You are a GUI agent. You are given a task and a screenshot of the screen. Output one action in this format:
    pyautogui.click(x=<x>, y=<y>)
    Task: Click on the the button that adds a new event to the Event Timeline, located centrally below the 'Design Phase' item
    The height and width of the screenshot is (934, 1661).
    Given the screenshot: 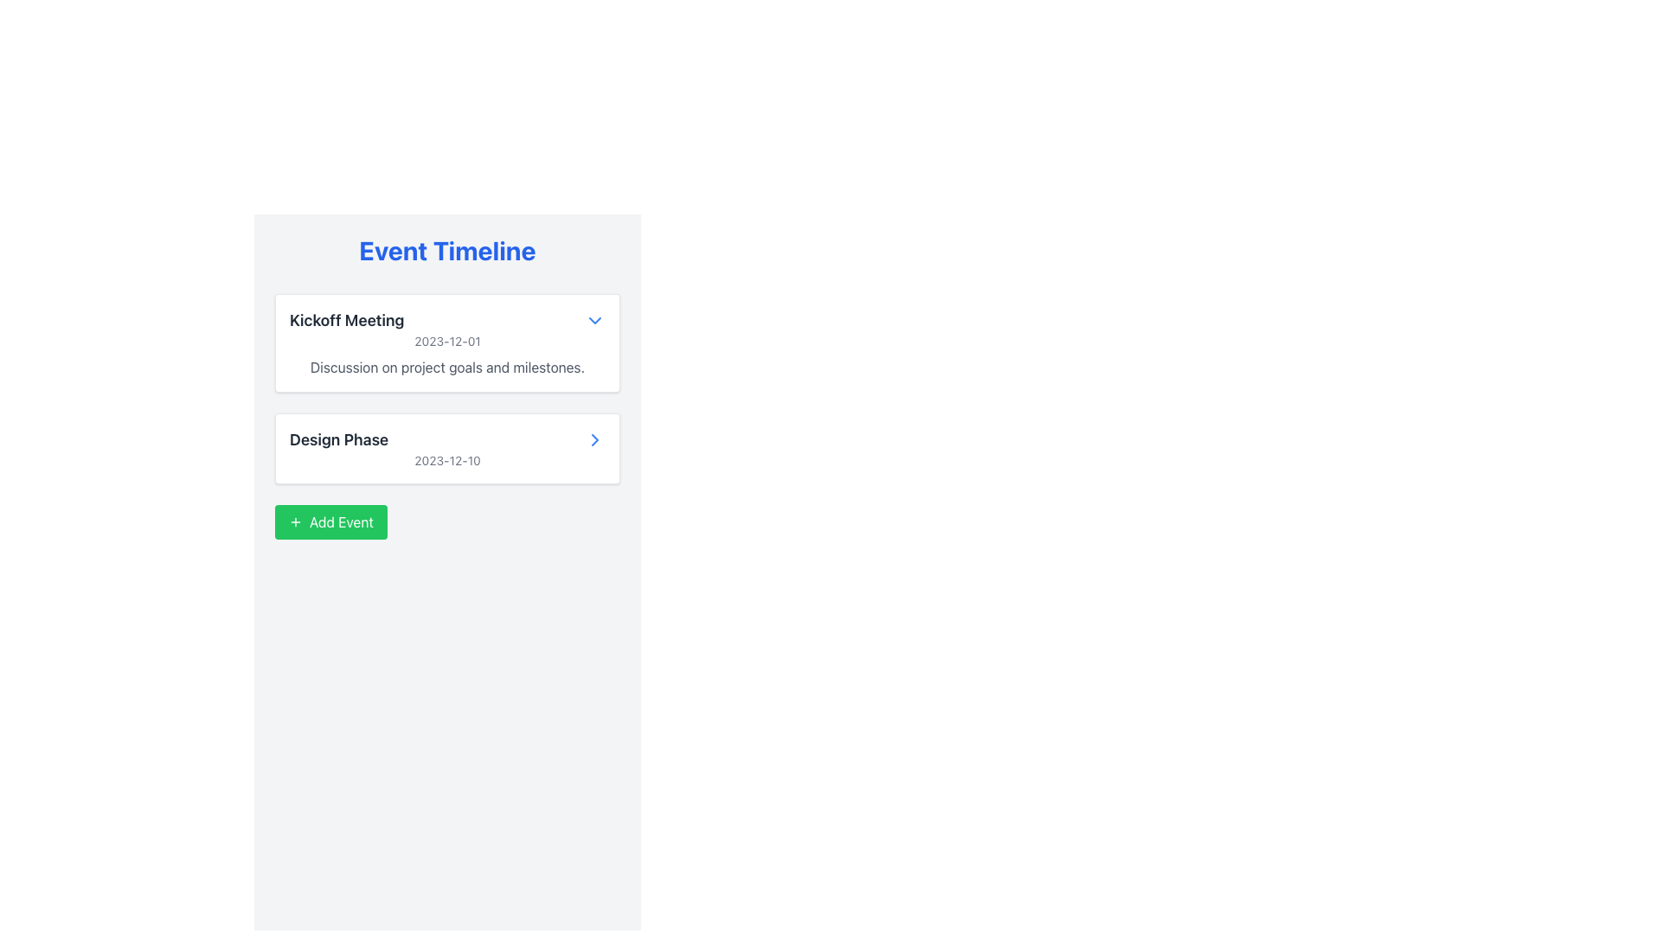 What is the action you would take?
    pyautogui.click(x=330, y=521)
    